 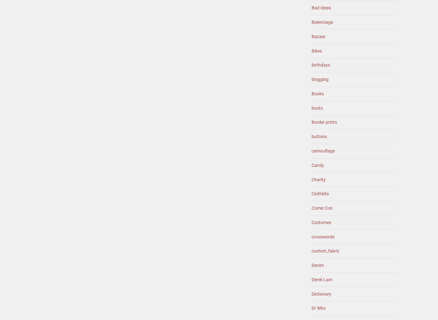 I want to click on 'Charity', so click(x=311, y=179).